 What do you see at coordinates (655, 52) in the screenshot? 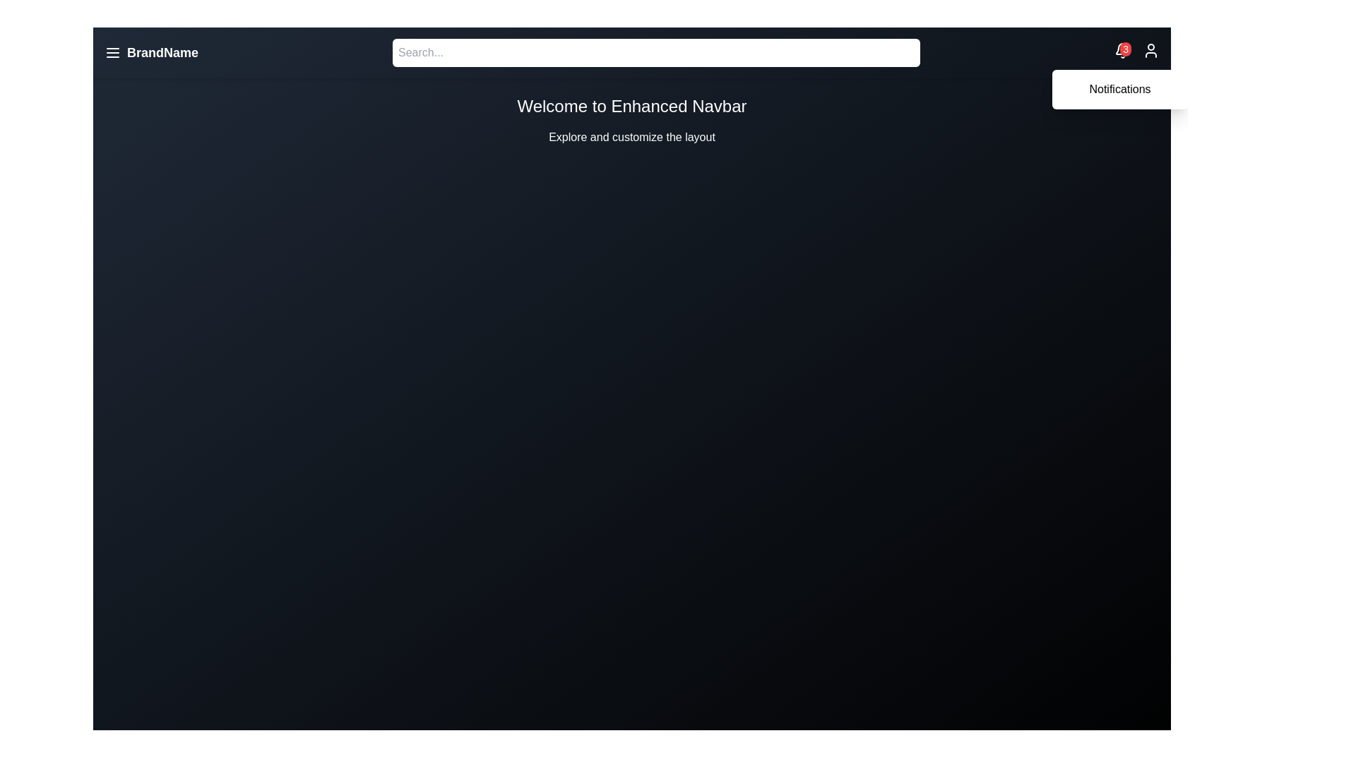
I see `the search bar and type the text 'example'` at bounding box center [655, 52].